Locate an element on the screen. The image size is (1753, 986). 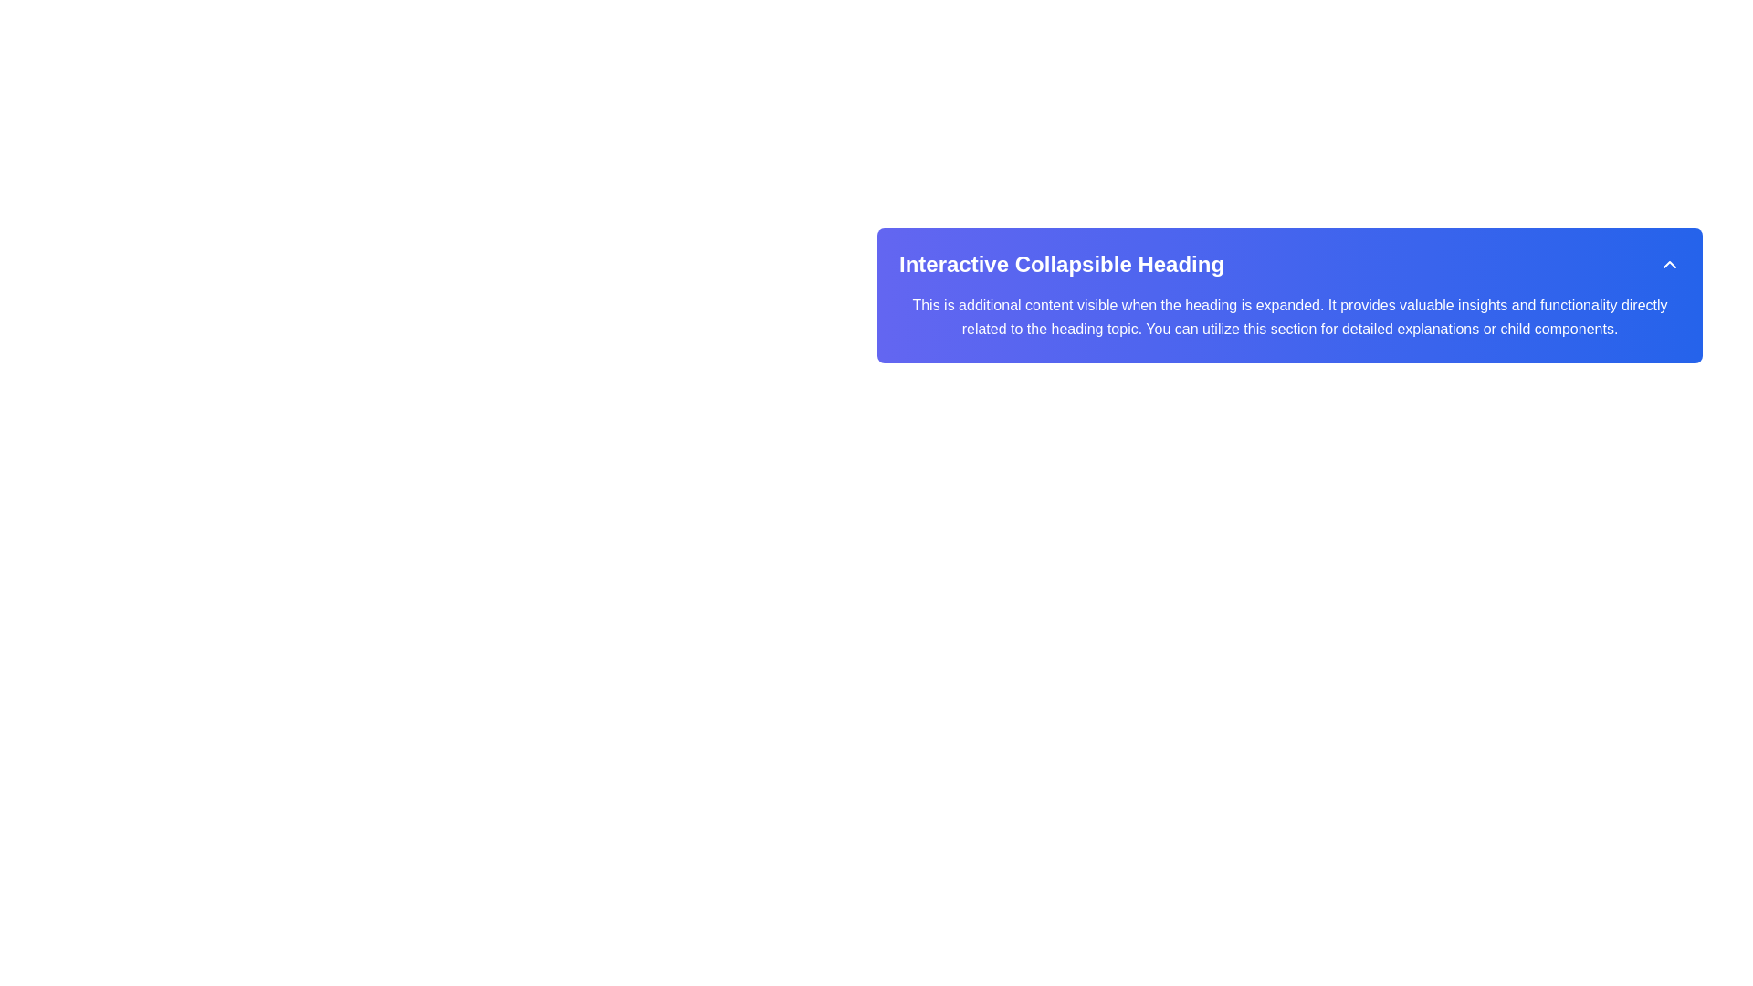
the upward-facing chevron icon located in the top-right corner of the blue header labeled 'Interactive Collapsible Heading' is located at coordinates (1669, 264).